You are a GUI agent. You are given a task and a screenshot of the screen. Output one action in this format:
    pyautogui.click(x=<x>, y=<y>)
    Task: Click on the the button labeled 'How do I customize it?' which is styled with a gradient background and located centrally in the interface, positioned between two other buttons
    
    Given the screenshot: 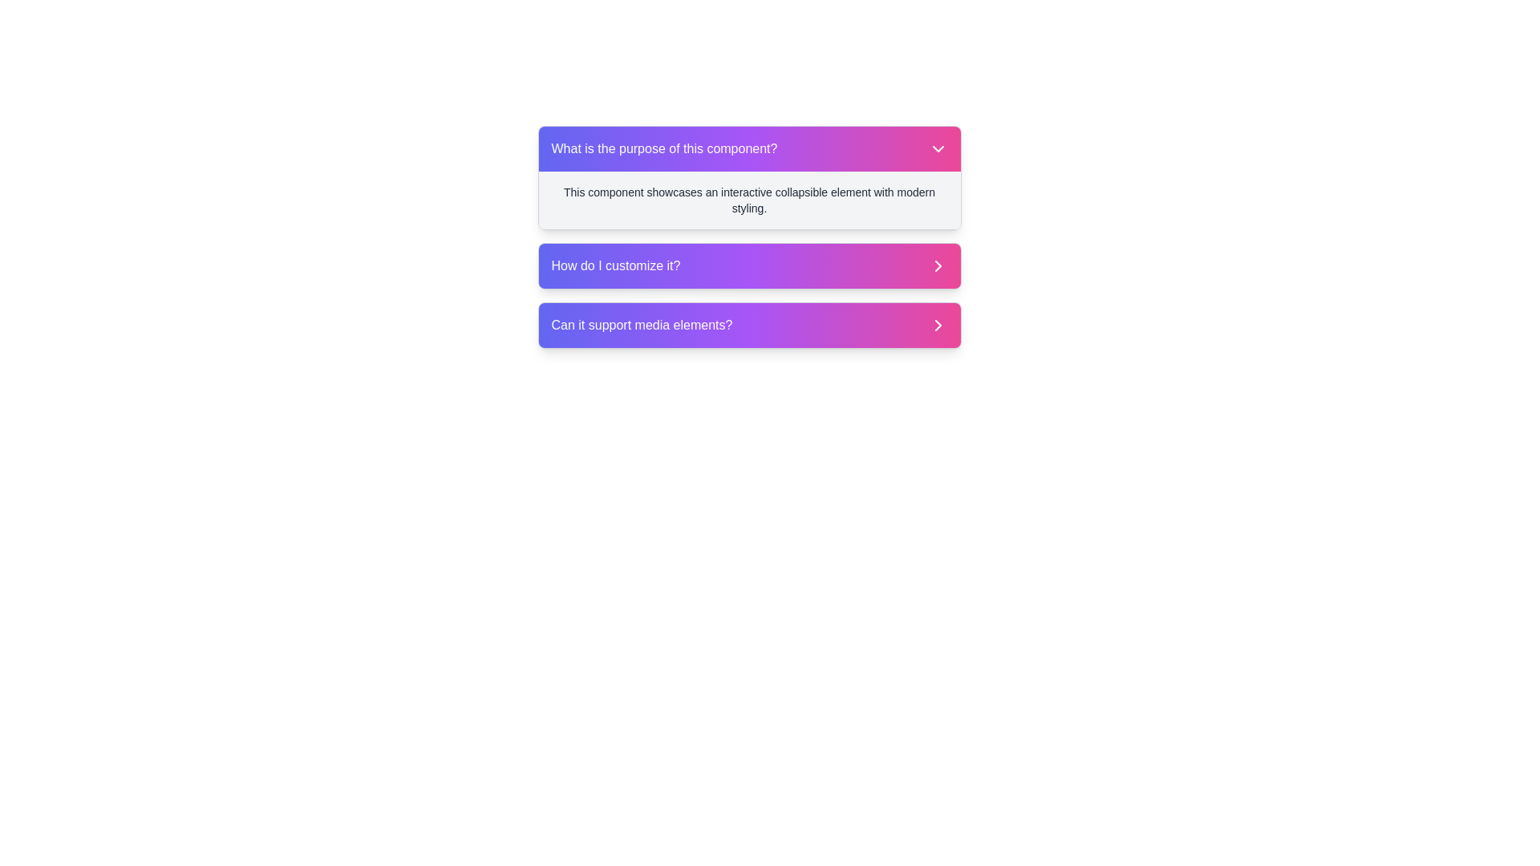 What is the action you would take?
    pyautogui.click(x=748, y=265)
    